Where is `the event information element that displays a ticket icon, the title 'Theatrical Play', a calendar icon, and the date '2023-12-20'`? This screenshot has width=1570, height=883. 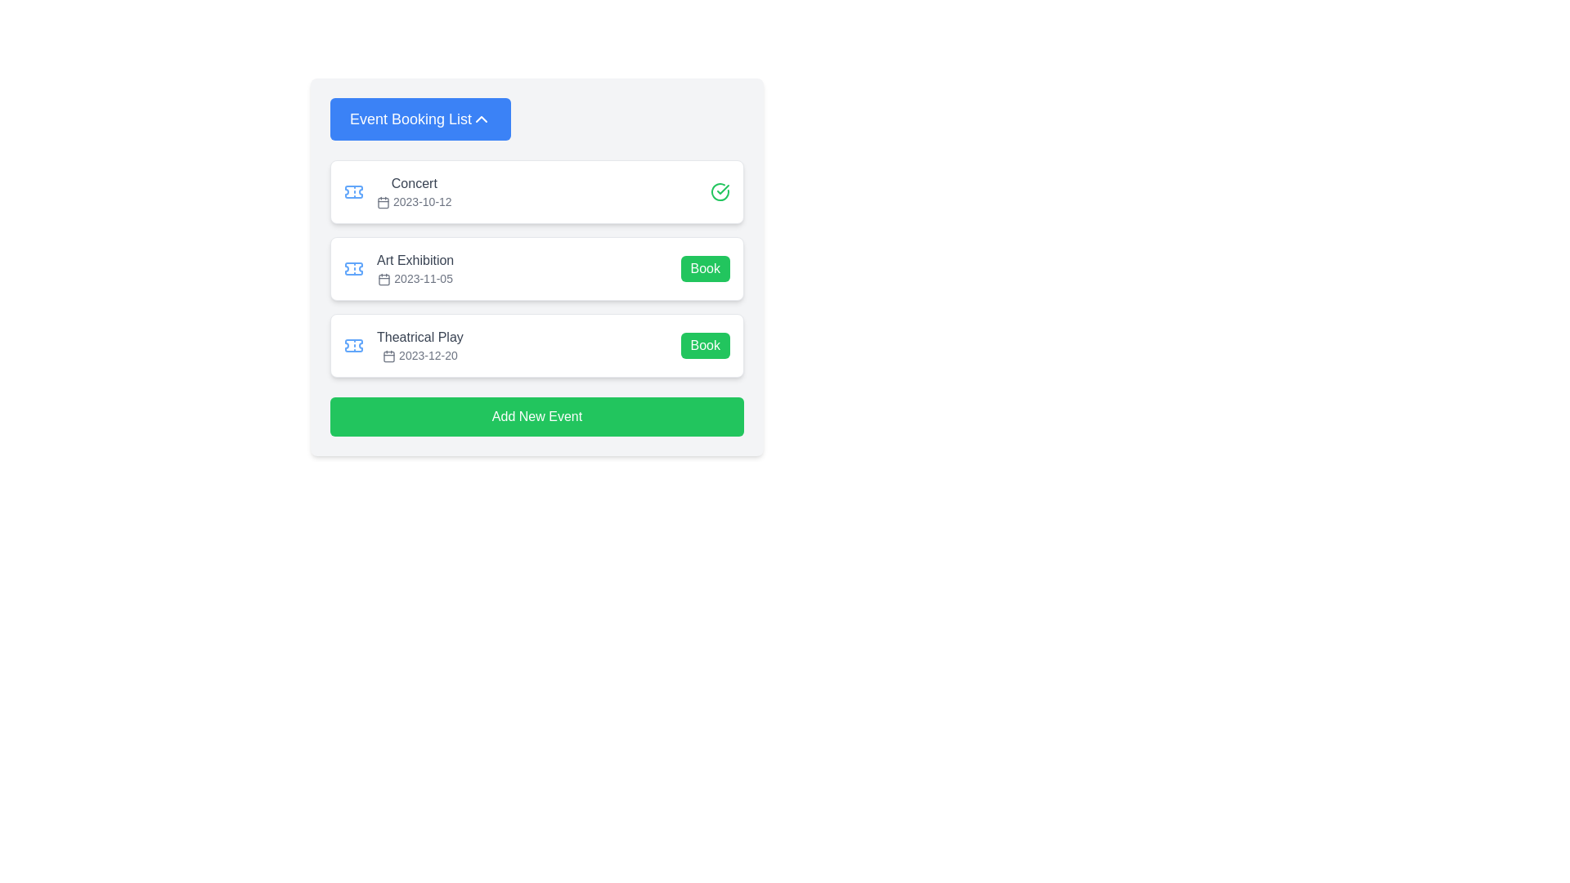
the event information element that displays a ticket icon, the title 'Theatrical Play', a calendar icon, and the date '2023-12-20' is located at coordinates (403, 345).